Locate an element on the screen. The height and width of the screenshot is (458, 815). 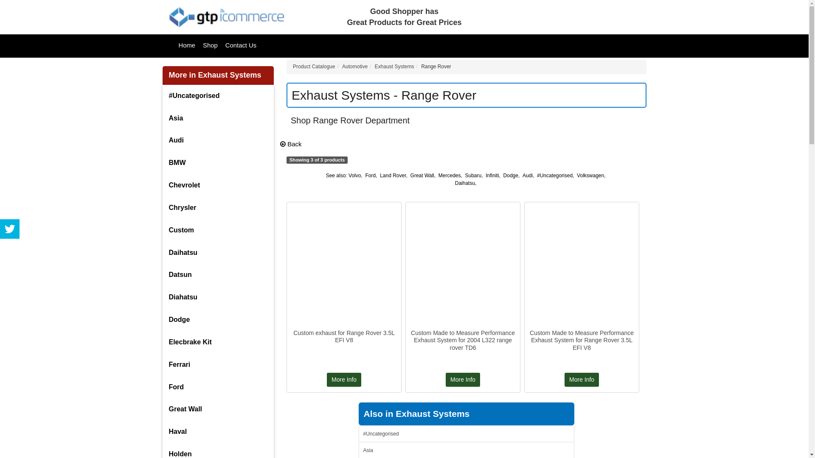
'Subaru' is located at coordinates (473, 175).